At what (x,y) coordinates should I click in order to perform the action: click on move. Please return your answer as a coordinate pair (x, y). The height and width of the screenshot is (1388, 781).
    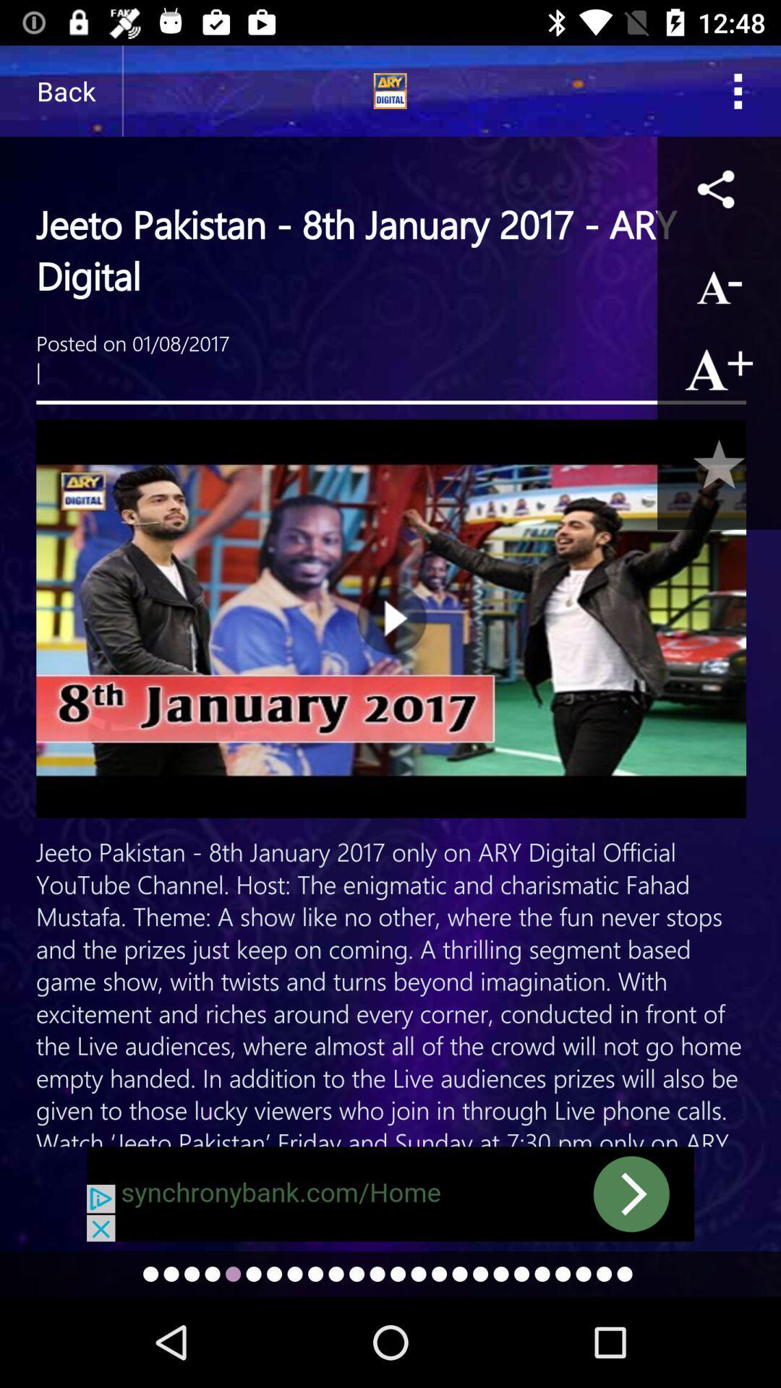
    Looking at the image, I should click on (390, 1194).